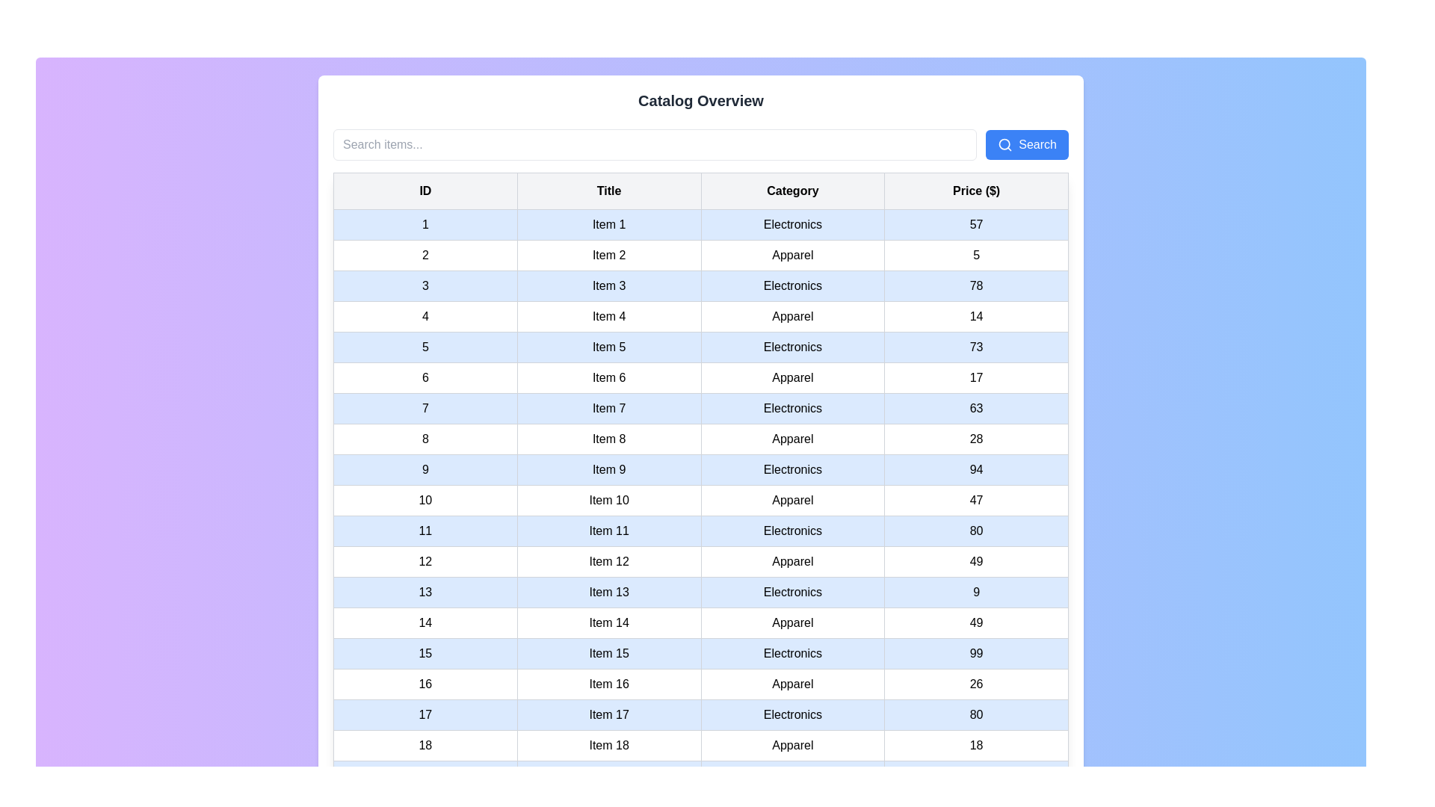  I want to click on the 11th row in the table representing 'Electronics', so click(700, 530).